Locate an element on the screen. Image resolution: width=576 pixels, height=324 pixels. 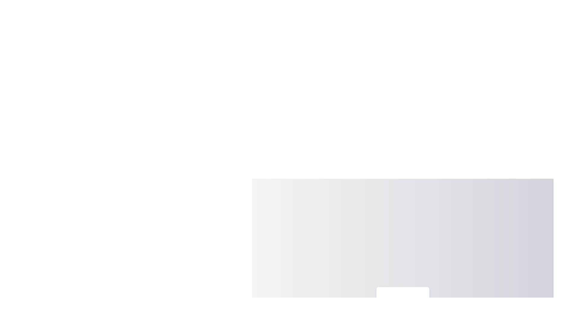
the menu item Search from the menu is located at coordinates (403, 300).